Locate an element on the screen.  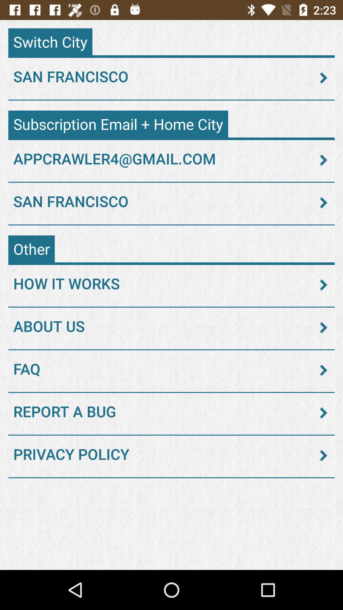
the about us is located at coordinates (171, 328).